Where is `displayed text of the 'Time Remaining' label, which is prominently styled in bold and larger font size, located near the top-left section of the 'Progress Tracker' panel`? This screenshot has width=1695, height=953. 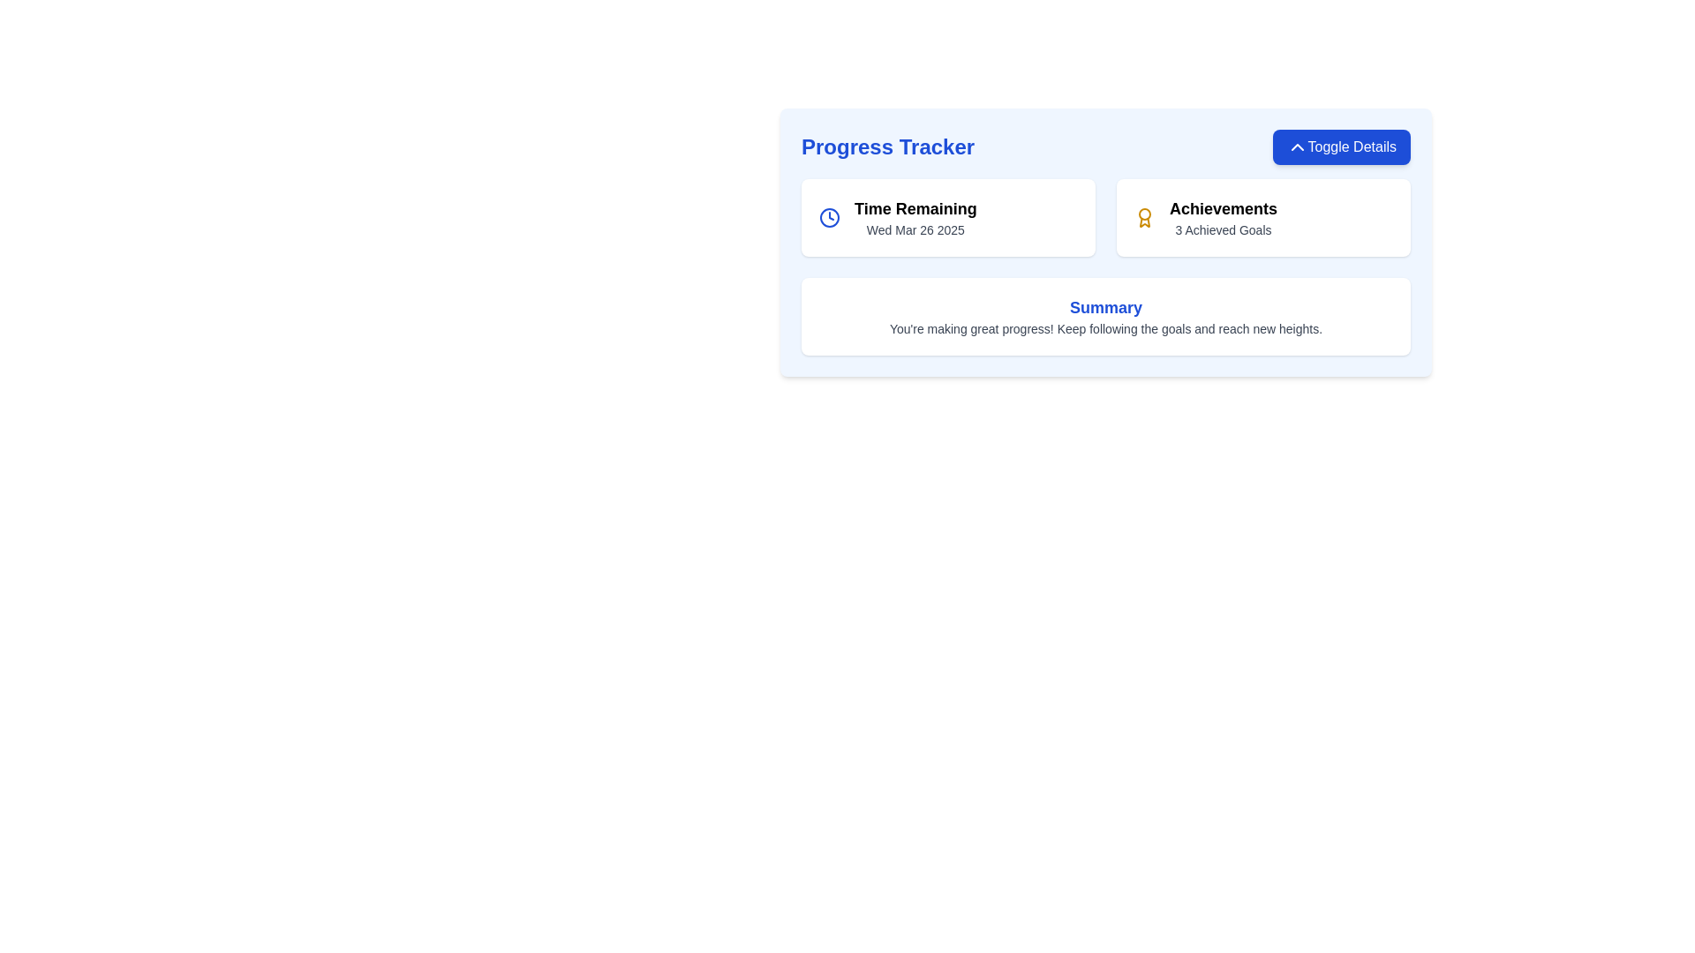 displayed text of the 'Time Remaining' label, which is prominently styled in bold and larger font size, located near the top-left section of the 'Progress Tracker' panel is located at coordinates (915, 207).